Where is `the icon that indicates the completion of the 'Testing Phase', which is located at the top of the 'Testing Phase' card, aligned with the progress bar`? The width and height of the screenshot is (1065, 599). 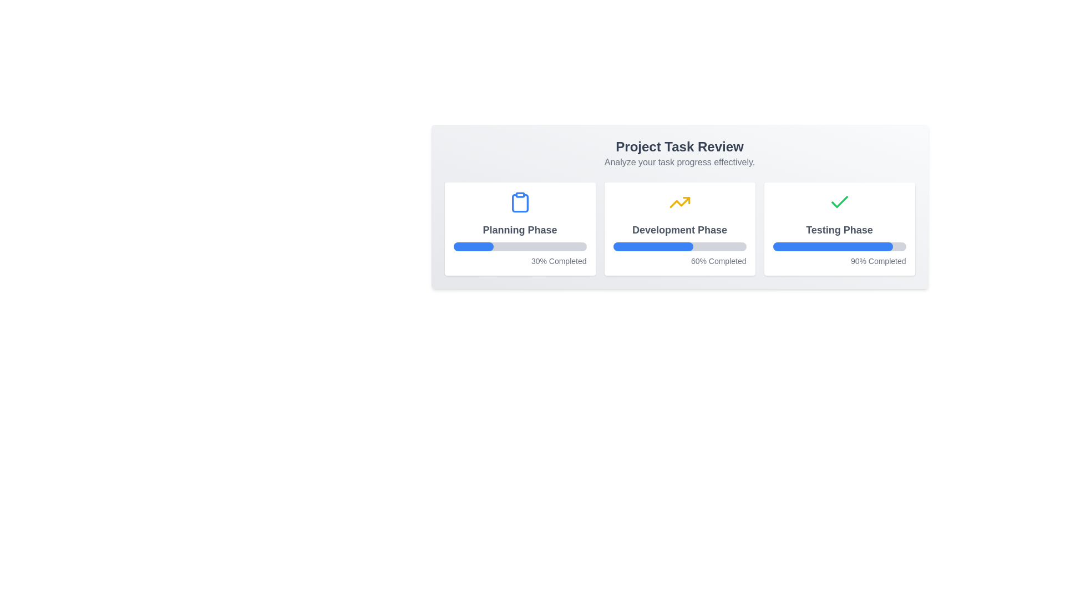 the icon that indicates the completion of the 'Testing Phase', which is located at the top of the 'Testing Phase' card, aligned with the progress bar is located at coordinates (839, 202).